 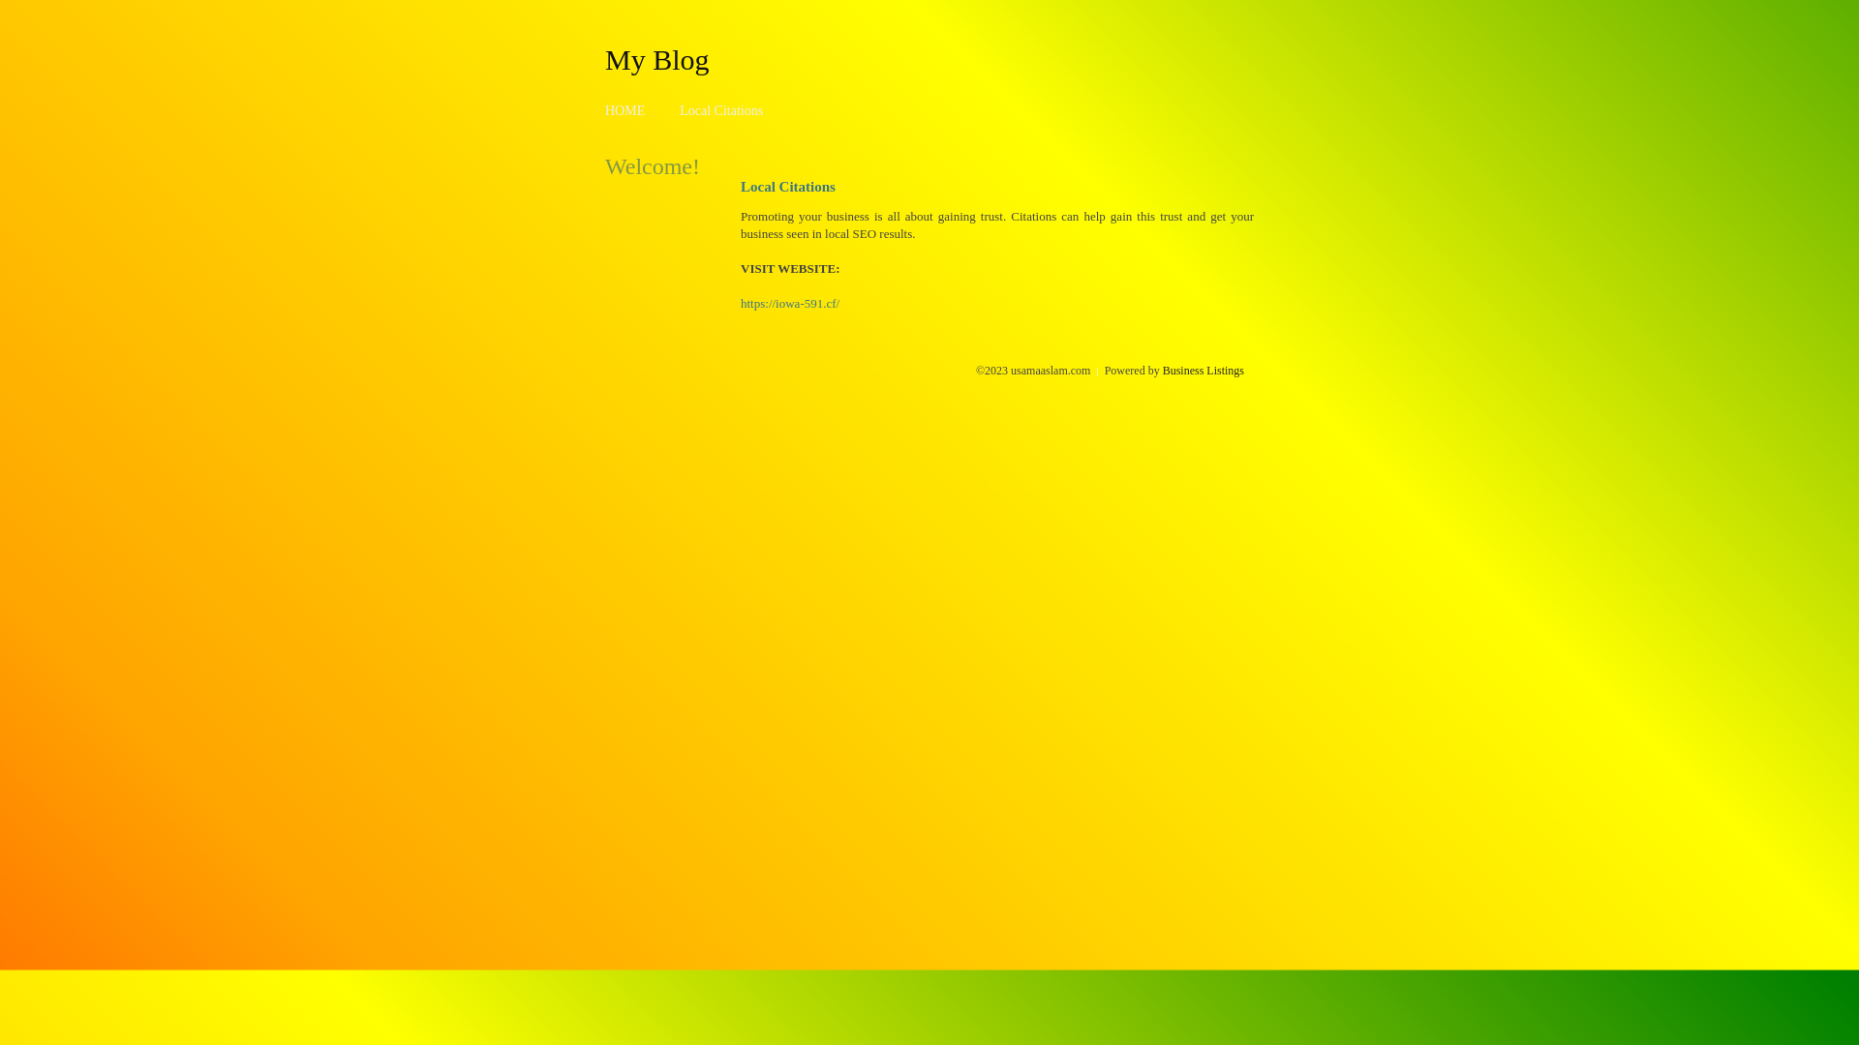 I want to click on 'HOME', so click(x=625, y=110).